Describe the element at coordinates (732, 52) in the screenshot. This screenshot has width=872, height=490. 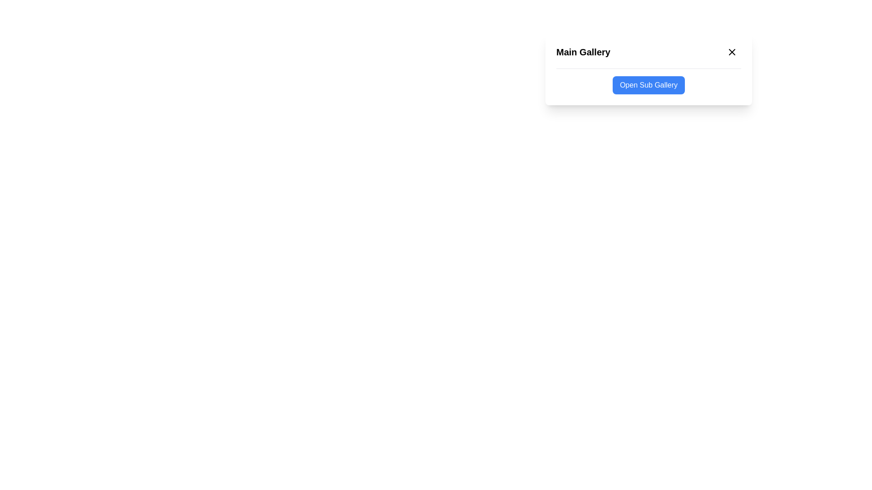
I see `the close button icon located at the top-right corner of the 'Main Gallery' module` at that location.